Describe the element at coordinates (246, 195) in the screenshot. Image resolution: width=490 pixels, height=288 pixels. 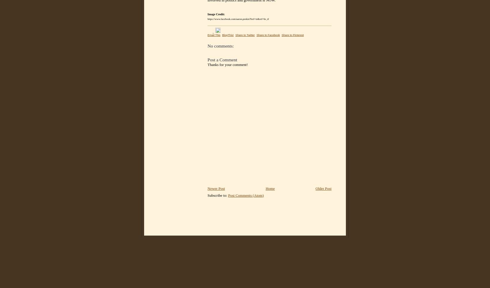
I see `'Post Comments (Atom)'` at that location.